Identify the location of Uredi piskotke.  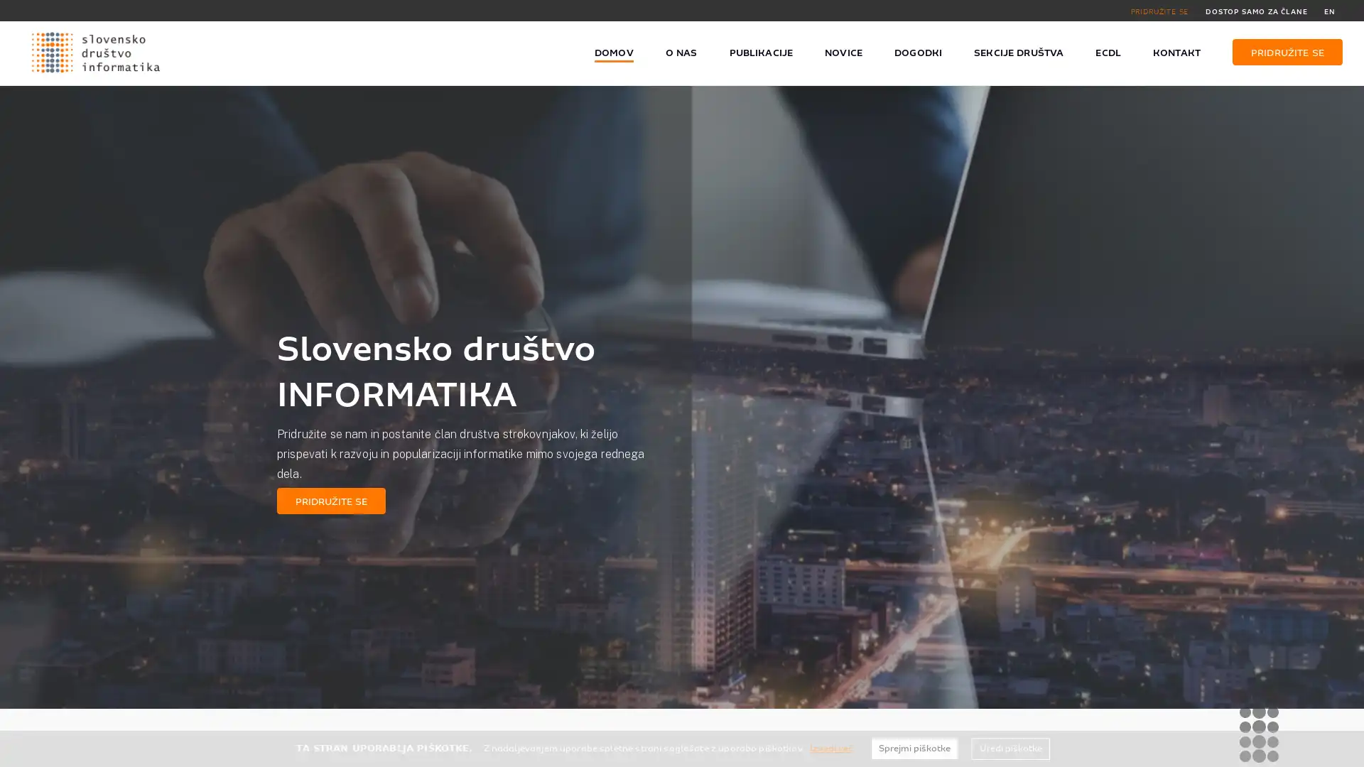
(1009, 748).